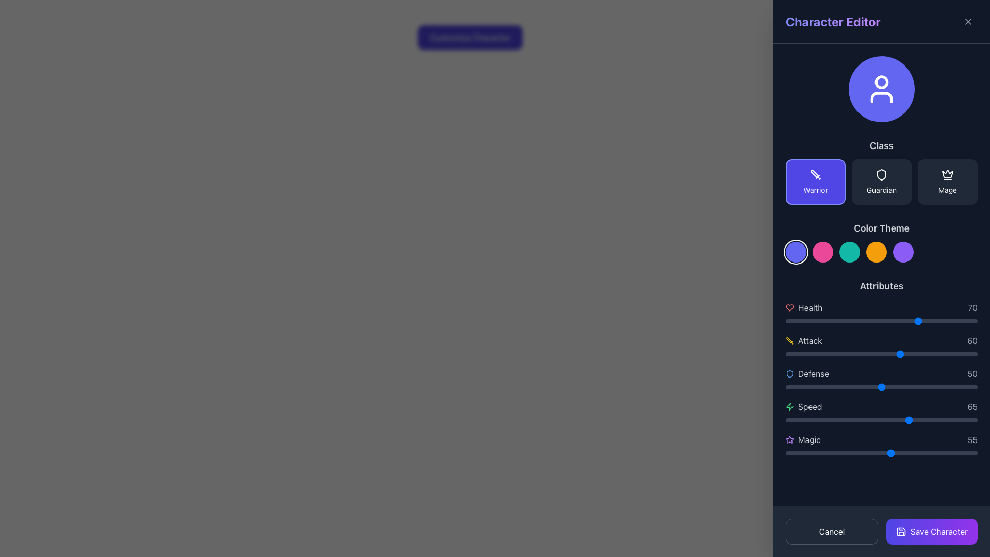 Image resolution: width=990 pixels, height=557 pixels. I want to click on the magic attribute, so click(856, 453).